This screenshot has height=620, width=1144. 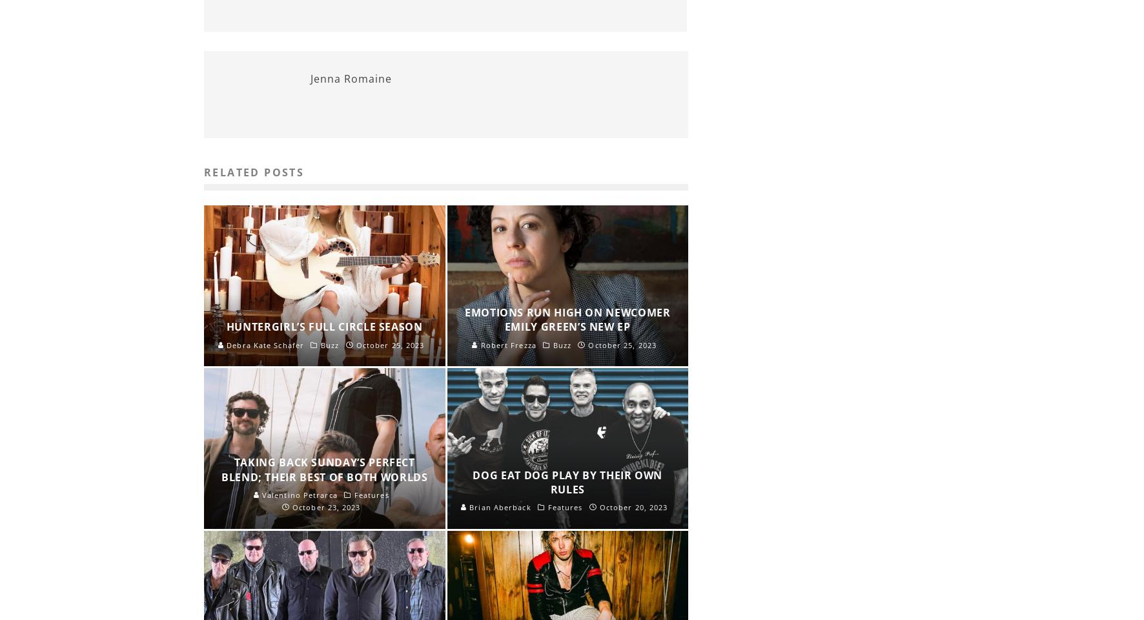 What do you see at coordinates (351, 77) in the screenshot?
I see `'Jenna Romaine'` at bounding box center [351, 77].